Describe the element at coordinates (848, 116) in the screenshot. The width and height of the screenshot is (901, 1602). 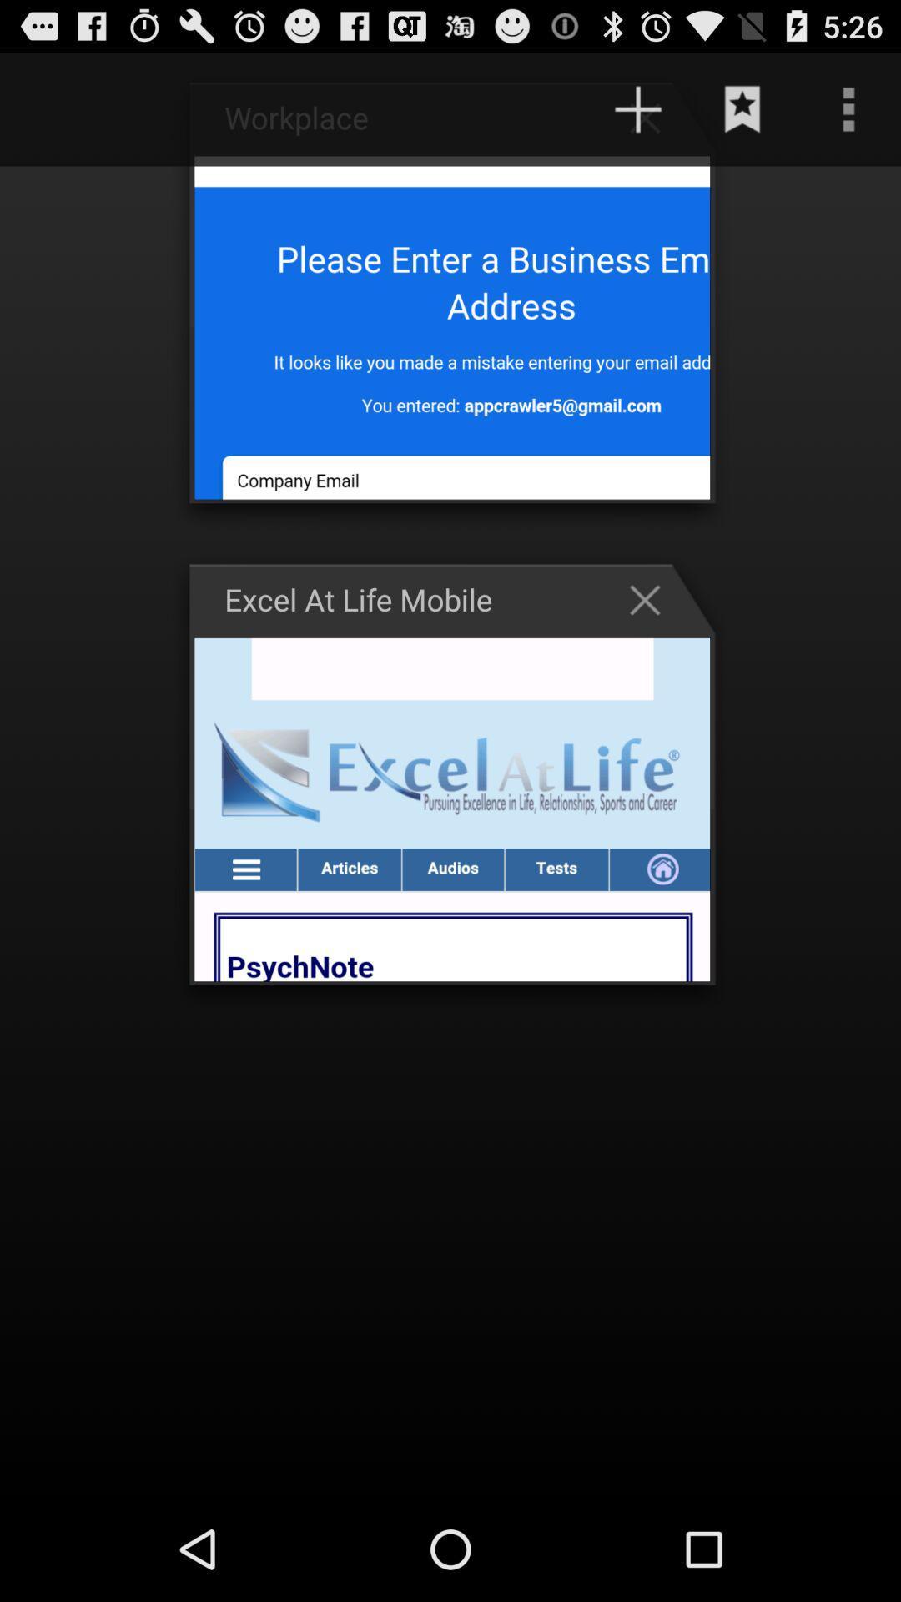
I see `the more icon` at that location.